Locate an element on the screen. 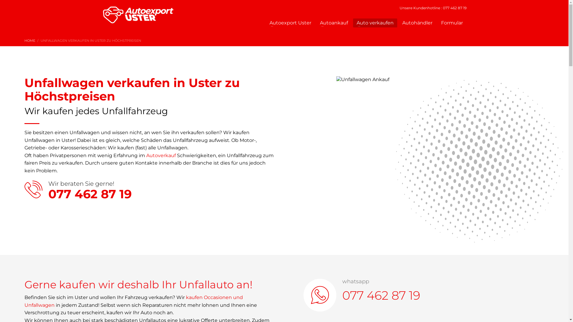  'Auto verkaufen' is located at coordinates (375, 23).